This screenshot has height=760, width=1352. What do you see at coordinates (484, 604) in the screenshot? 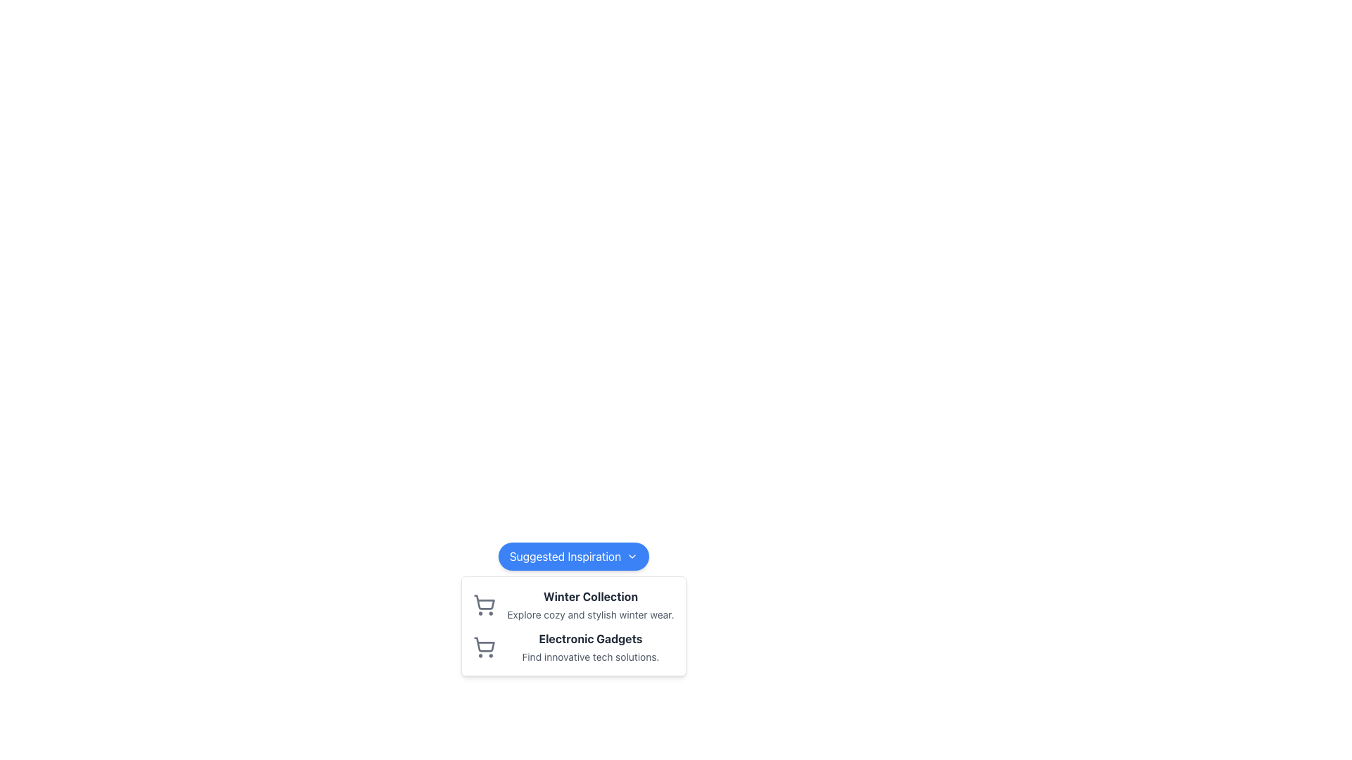
I see `the shopping cart icon, which is a gray minimalist design located to the far left of the 'Winter Collection' text in a card layout` at bounding box center [484, 604].